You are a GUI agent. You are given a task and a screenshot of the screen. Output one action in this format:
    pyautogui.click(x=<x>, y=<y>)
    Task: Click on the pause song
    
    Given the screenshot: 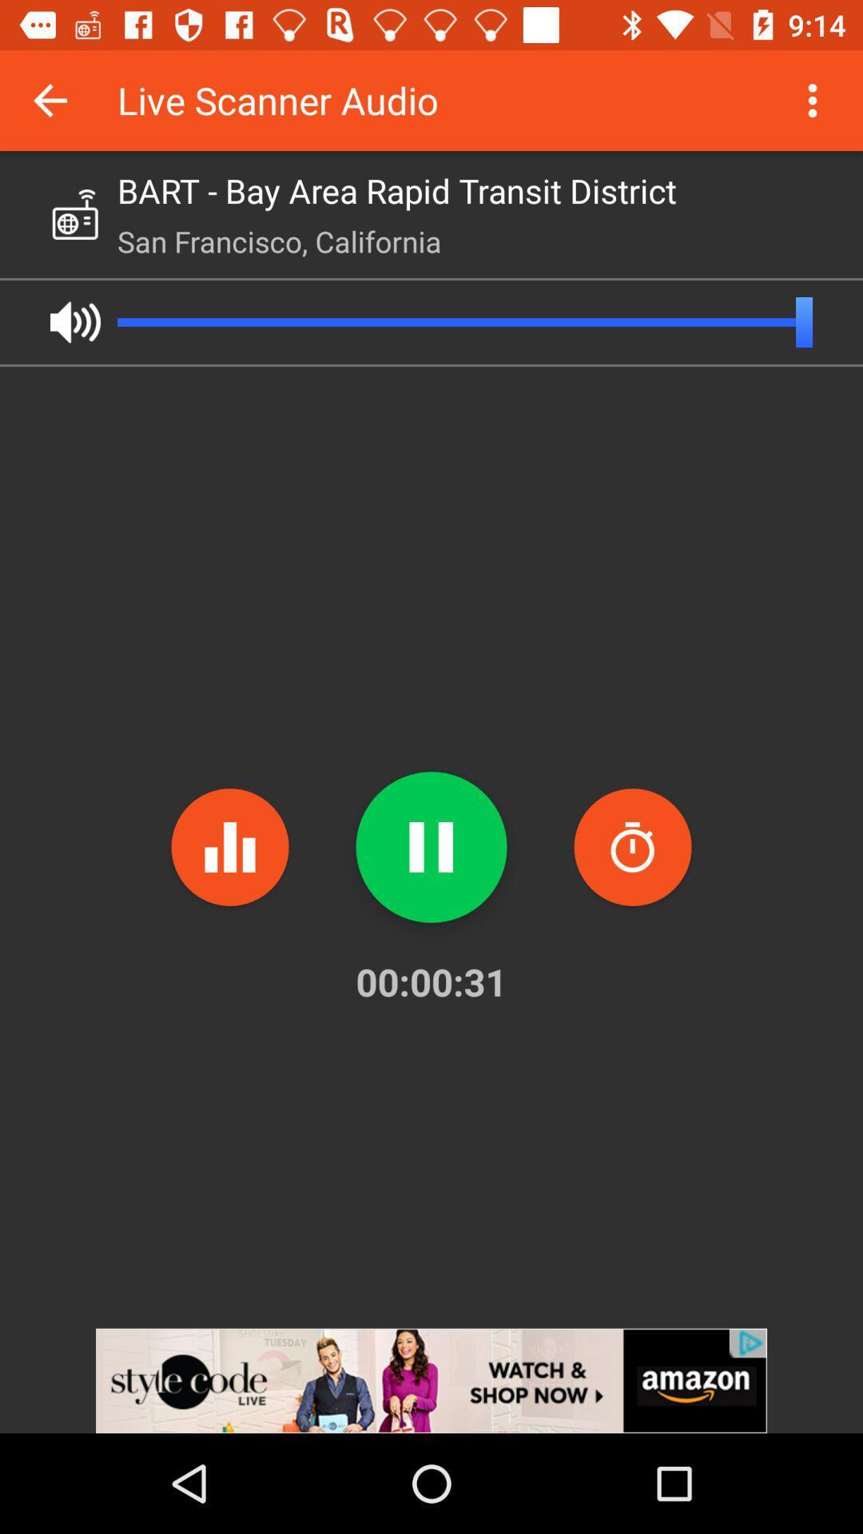 What is the action you would take?
    pyautogui.click(x=431, y=846)
    